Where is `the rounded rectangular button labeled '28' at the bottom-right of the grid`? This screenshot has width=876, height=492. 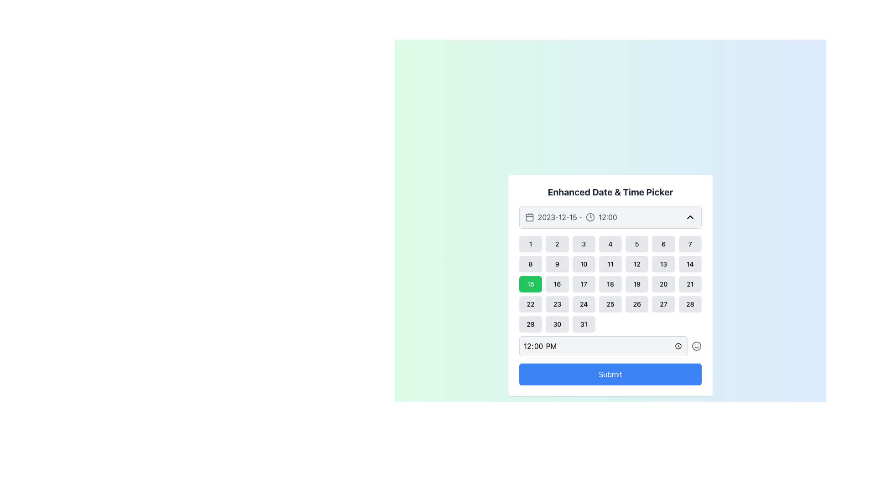 the rounded rectangular button labeled '28' at the bottom-right of the grid is located at coordinates (690, 304).